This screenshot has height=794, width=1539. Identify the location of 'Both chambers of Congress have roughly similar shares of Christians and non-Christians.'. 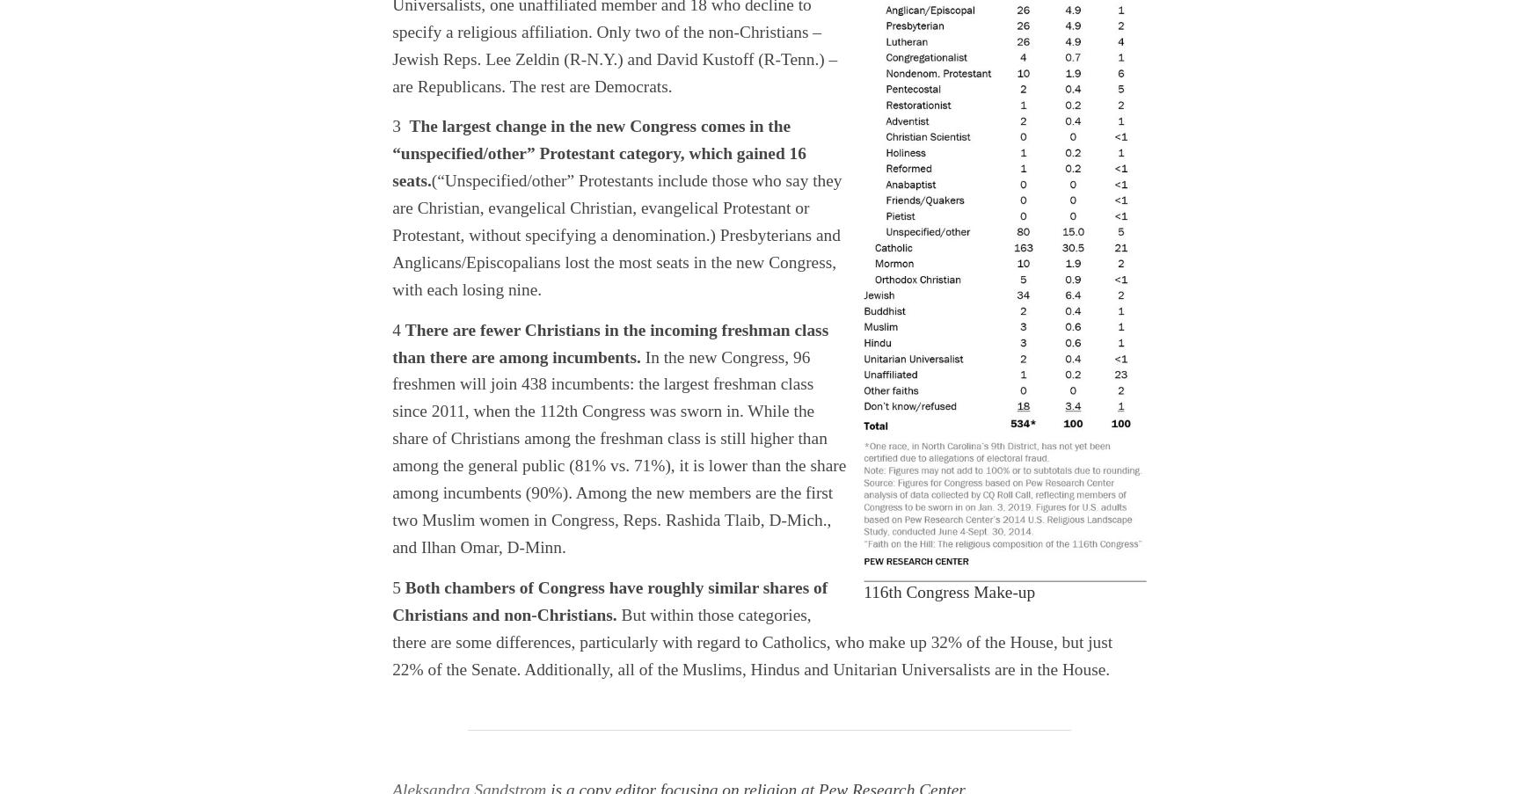
(609, 600).